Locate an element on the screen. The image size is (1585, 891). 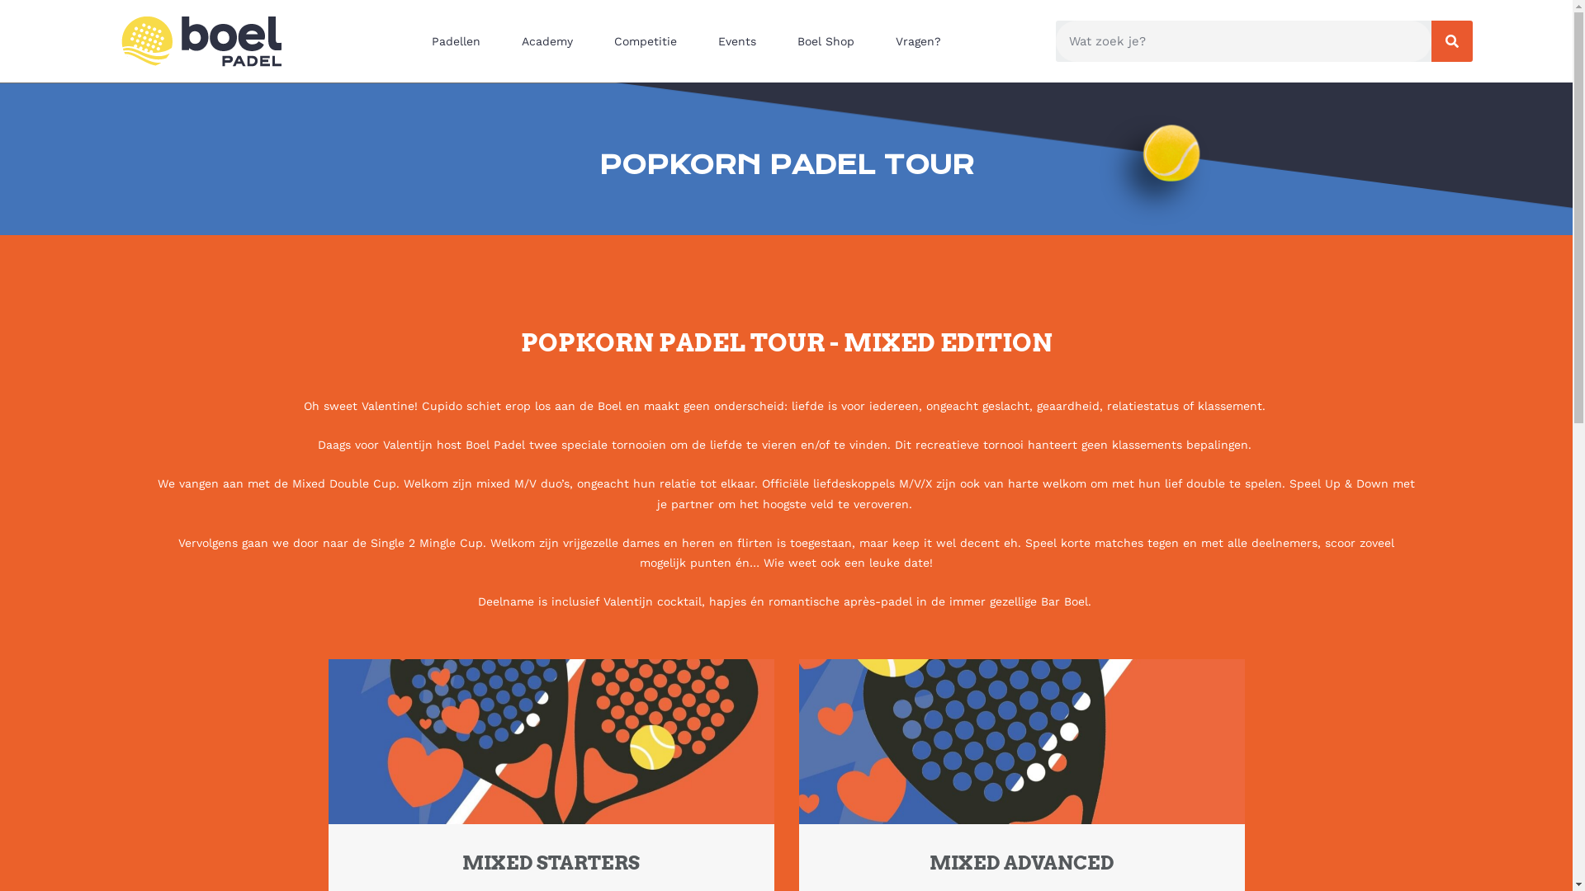
'Search' is located at coordinates (1450, 40).